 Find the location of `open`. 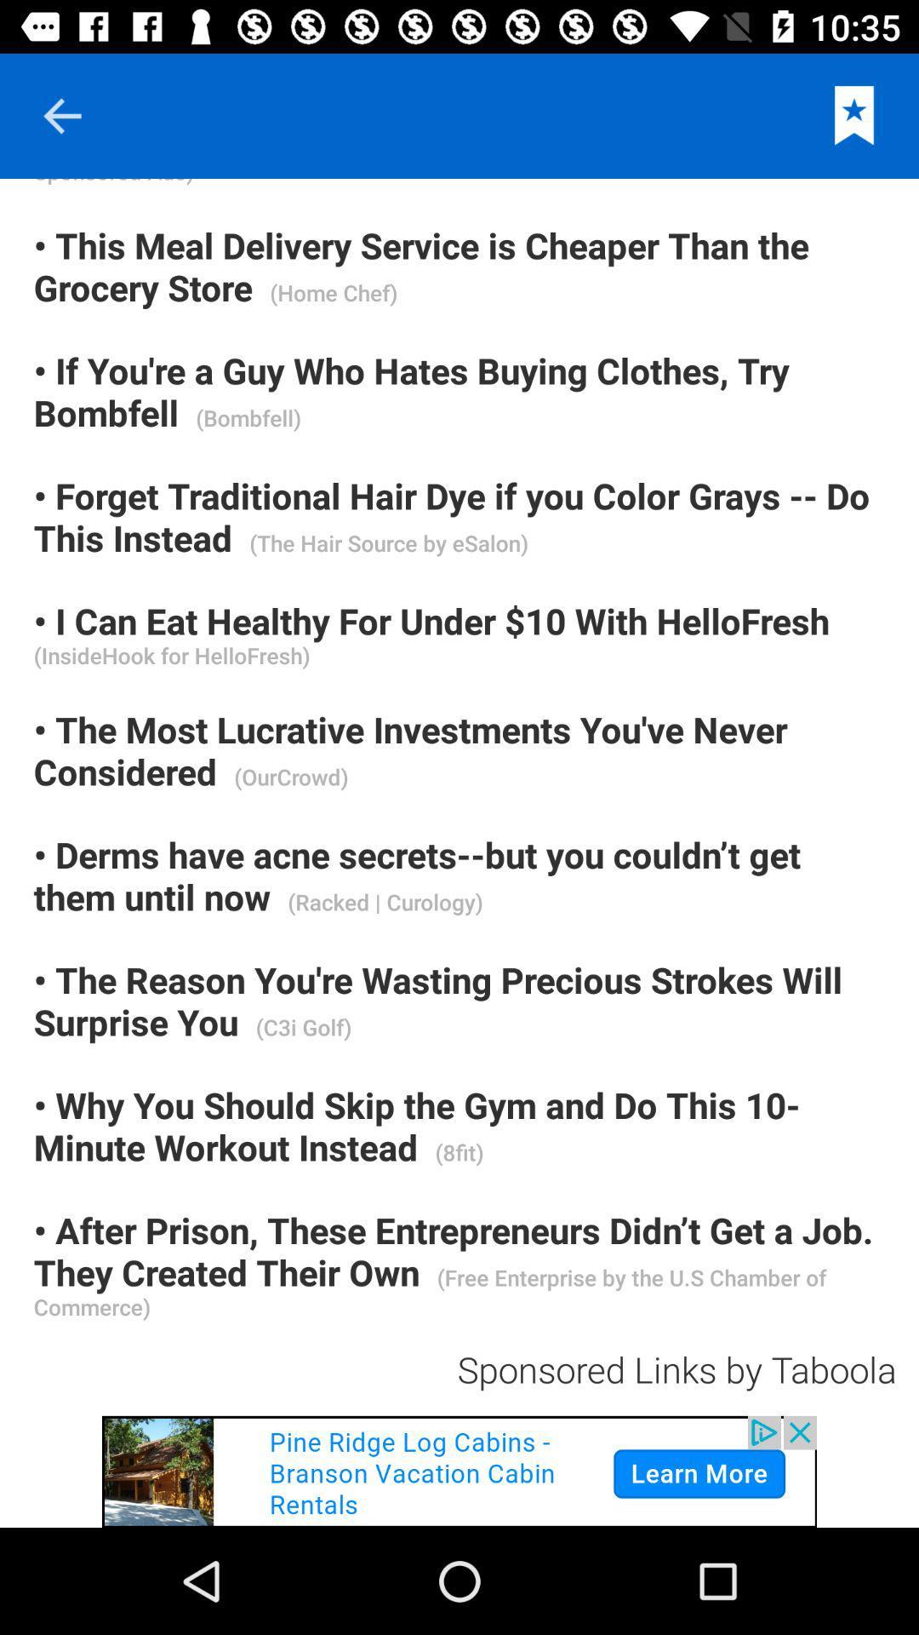

open is located at coordinates (459, 1471).